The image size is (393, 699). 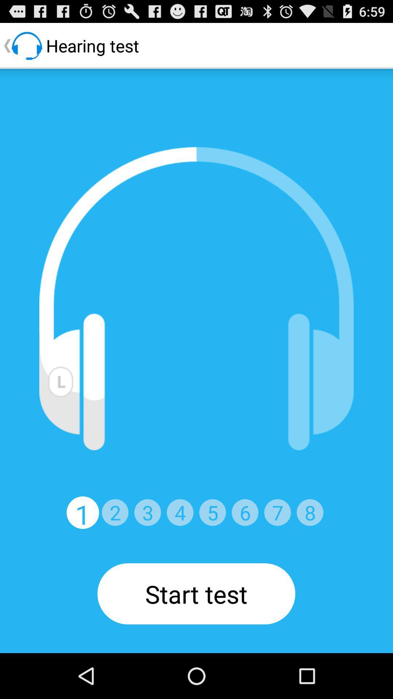 I want to click on the item below 1, so click(x=196, y=594).